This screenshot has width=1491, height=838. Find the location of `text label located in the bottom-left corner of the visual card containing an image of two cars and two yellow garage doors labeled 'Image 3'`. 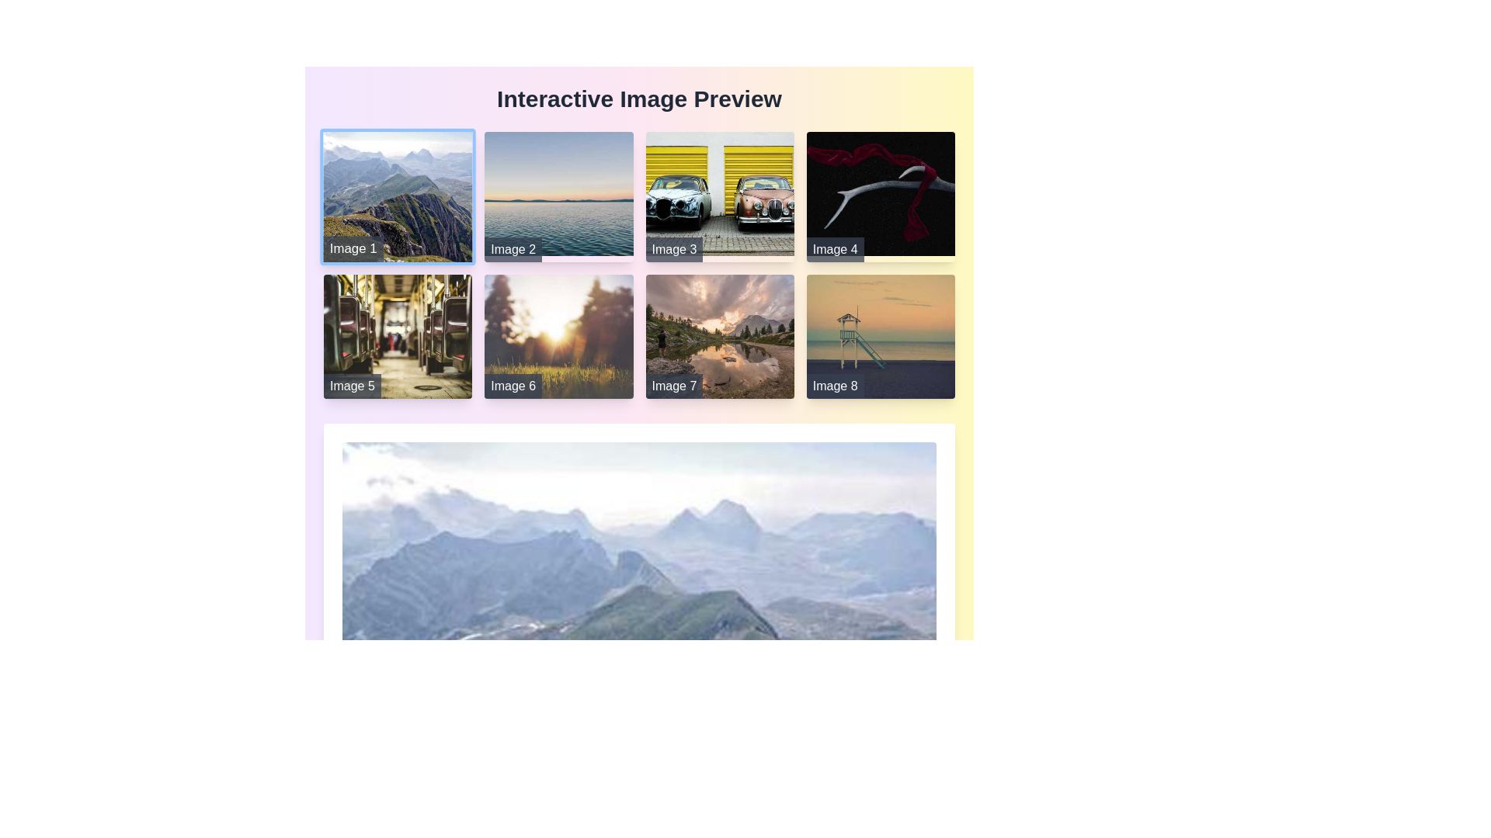

text label located in the bottom-left corner of the visual card containing an image of two cars and two yellow garage doors labeled 'Image 3' is located at coordinates (674, 248).